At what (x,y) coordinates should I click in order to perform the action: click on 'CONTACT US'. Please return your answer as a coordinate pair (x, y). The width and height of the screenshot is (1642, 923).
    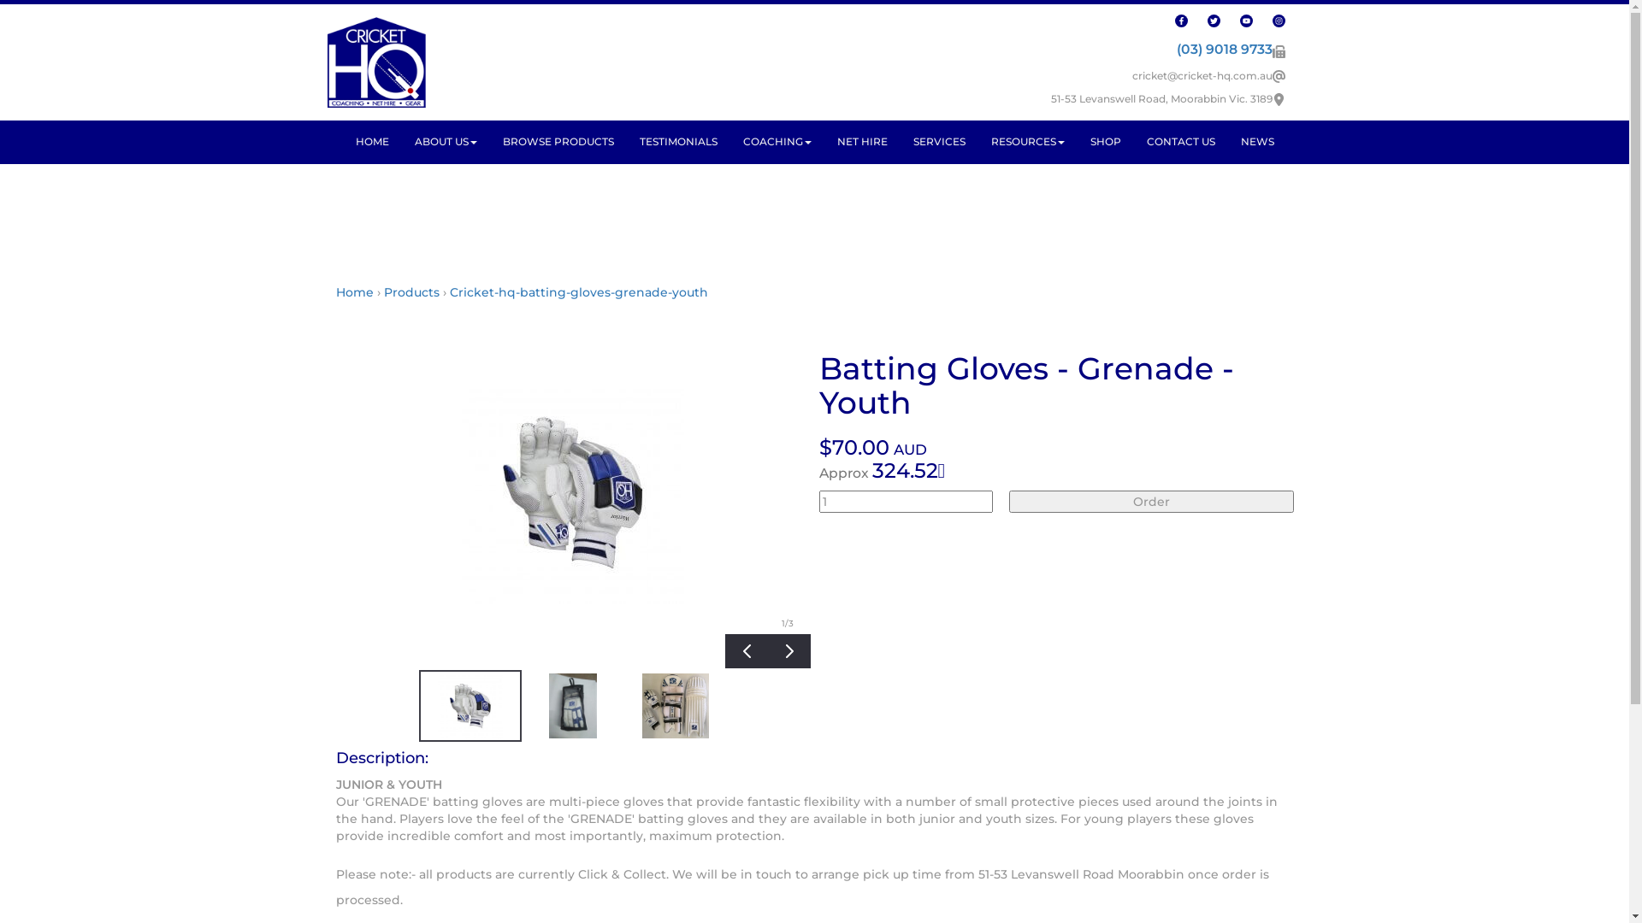
    Looking at the image, I should click on (1133, 140).